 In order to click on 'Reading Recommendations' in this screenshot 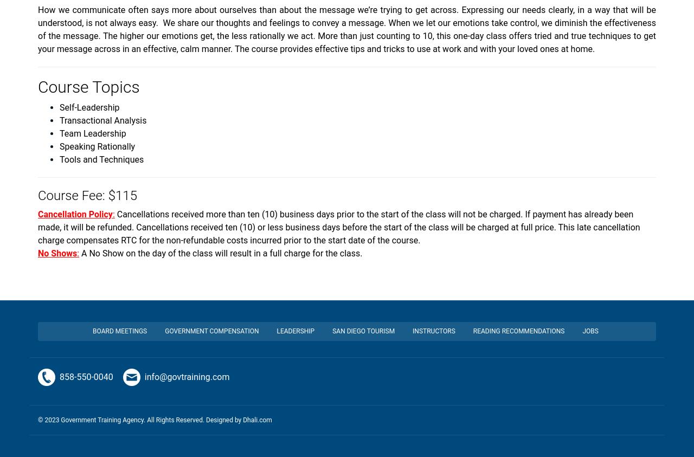, I will do `click(518, 331)`.